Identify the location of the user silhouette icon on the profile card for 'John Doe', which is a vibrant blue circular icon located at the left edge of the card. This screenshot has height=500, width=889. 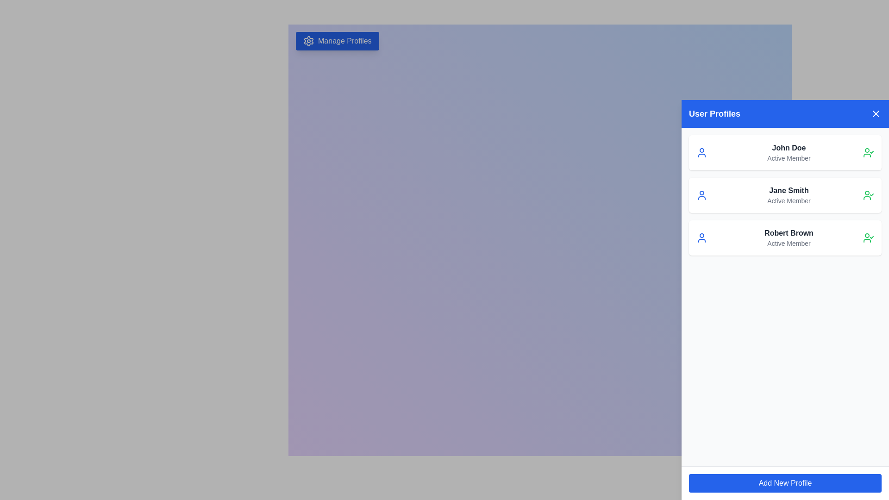
(702, 152).